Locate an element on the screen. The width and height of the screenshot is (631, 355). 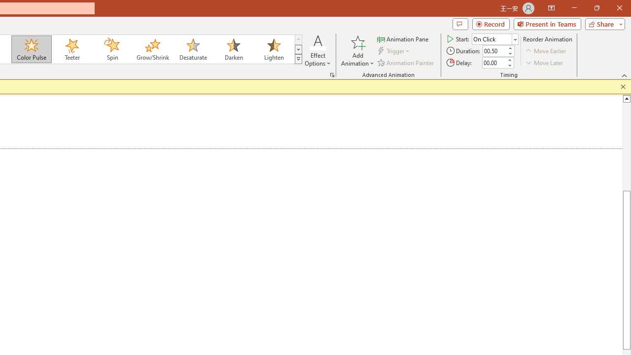
'Grow/Shrink' is located at coordinates (152, 49).